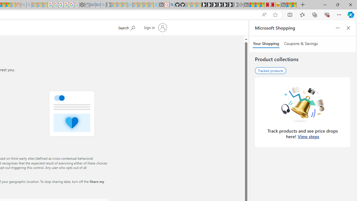 This screenshot has width=357, height=201. I want to click on 'Search Microsoft.com', so click(126, 27).